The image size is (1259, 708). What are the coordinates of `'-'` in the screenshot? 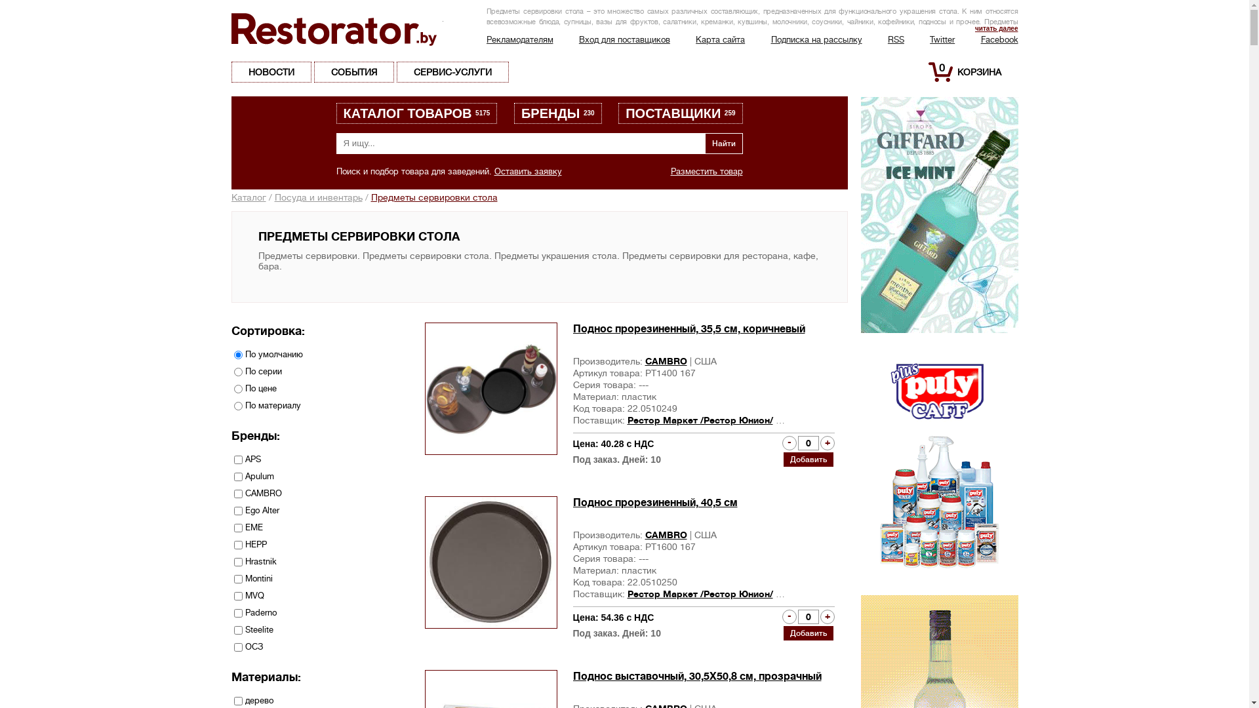 It's located at (788, 617).